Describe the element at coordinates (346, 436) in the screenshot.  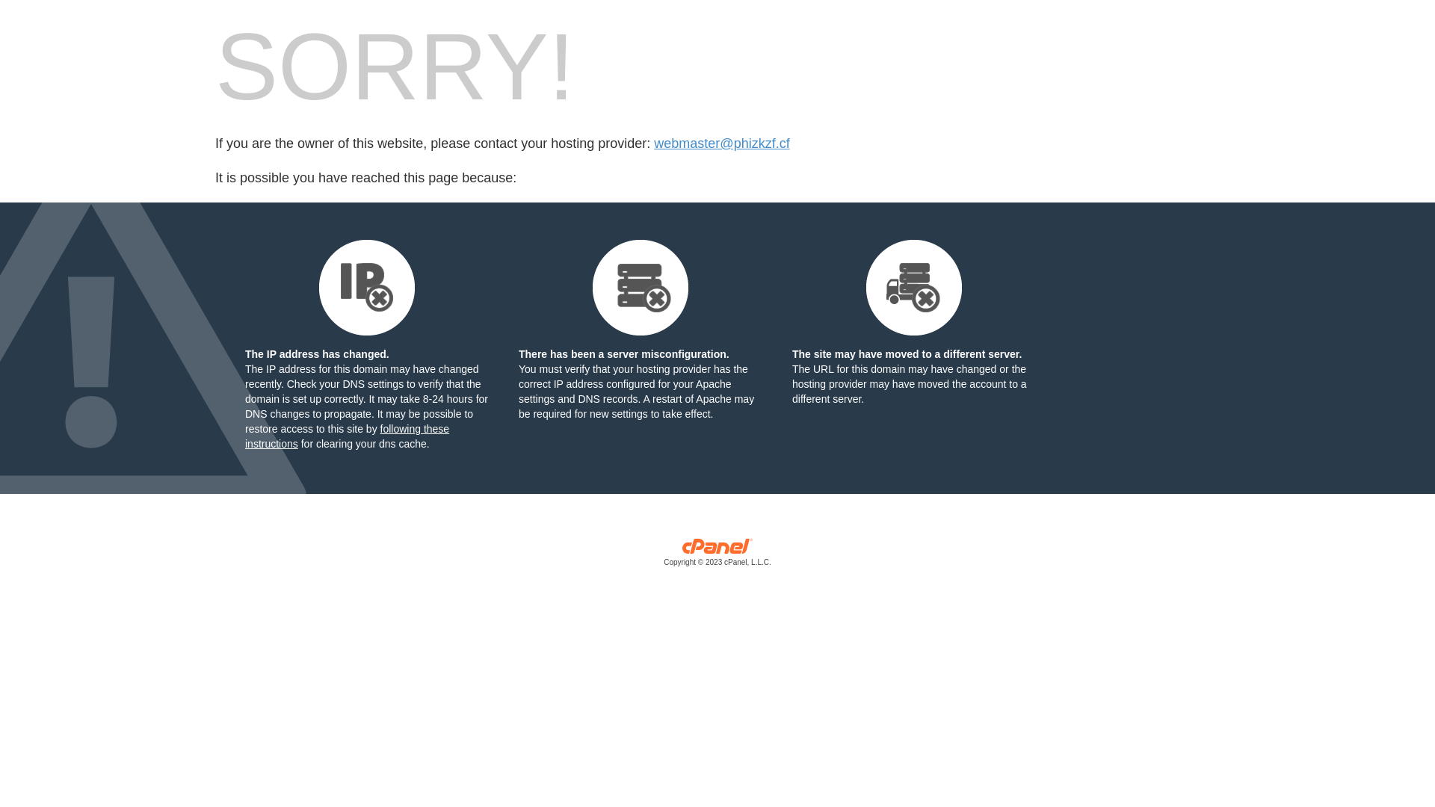
I see `'following these instructions'` at that location.